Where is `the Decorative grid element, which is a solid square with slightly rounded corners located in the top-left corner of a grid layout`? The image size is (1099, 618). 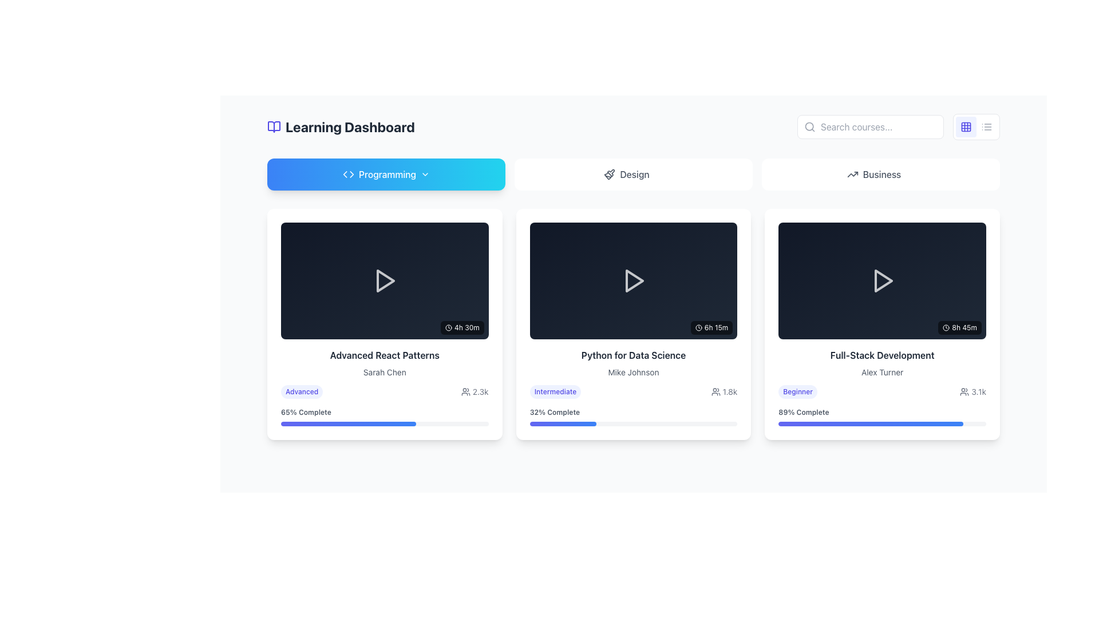
the Decorative grid element, which is a solid square with slightly rounded corners located in the top-left corner of a grid layout is located at coordinates (966, 127).